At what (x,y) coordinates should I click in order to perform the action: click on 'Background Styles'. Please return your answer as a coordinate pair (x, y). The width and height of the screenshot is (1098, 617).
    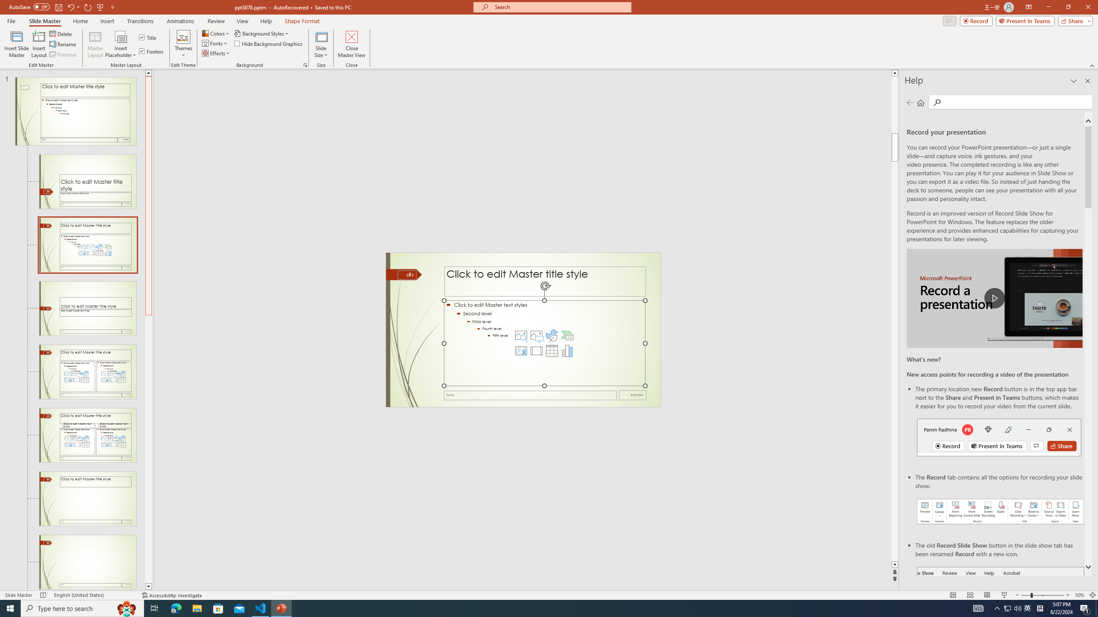
    Looking at the image, I should click on (262, 33).